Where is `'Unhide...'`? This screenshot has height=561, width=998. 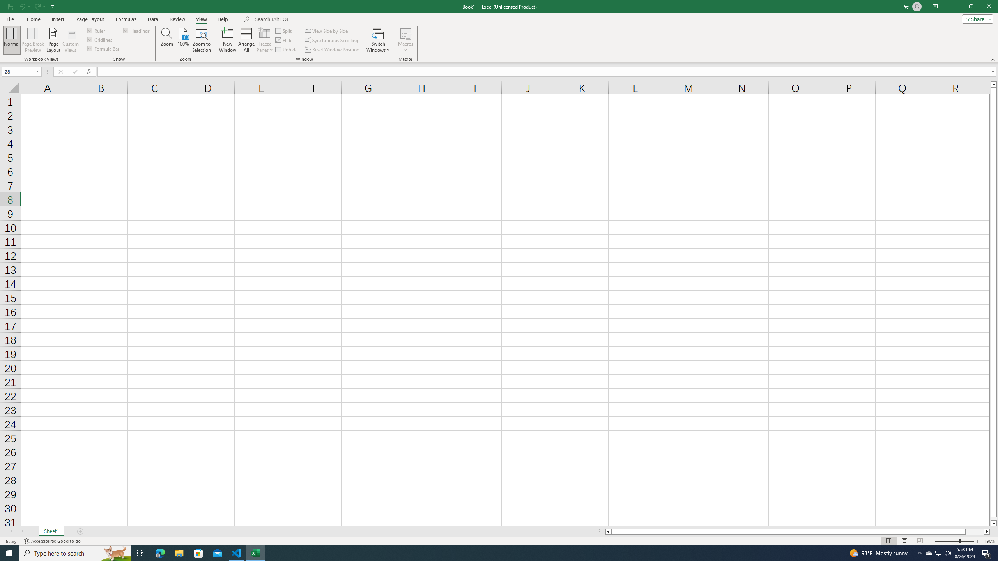
'Unhide...' is located at coordinates (287, 49).